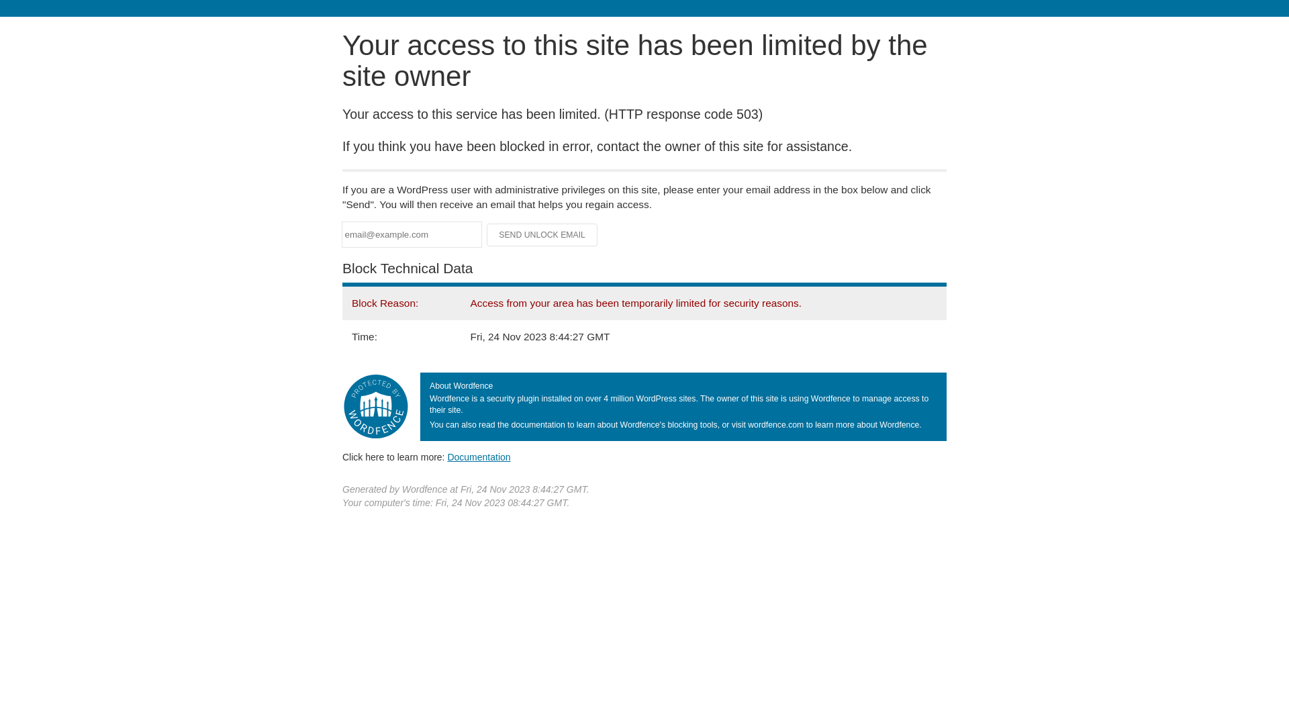  Describe the element at coordinates (479, 456) in the screenshot. I see `'Documentation'` at that location.